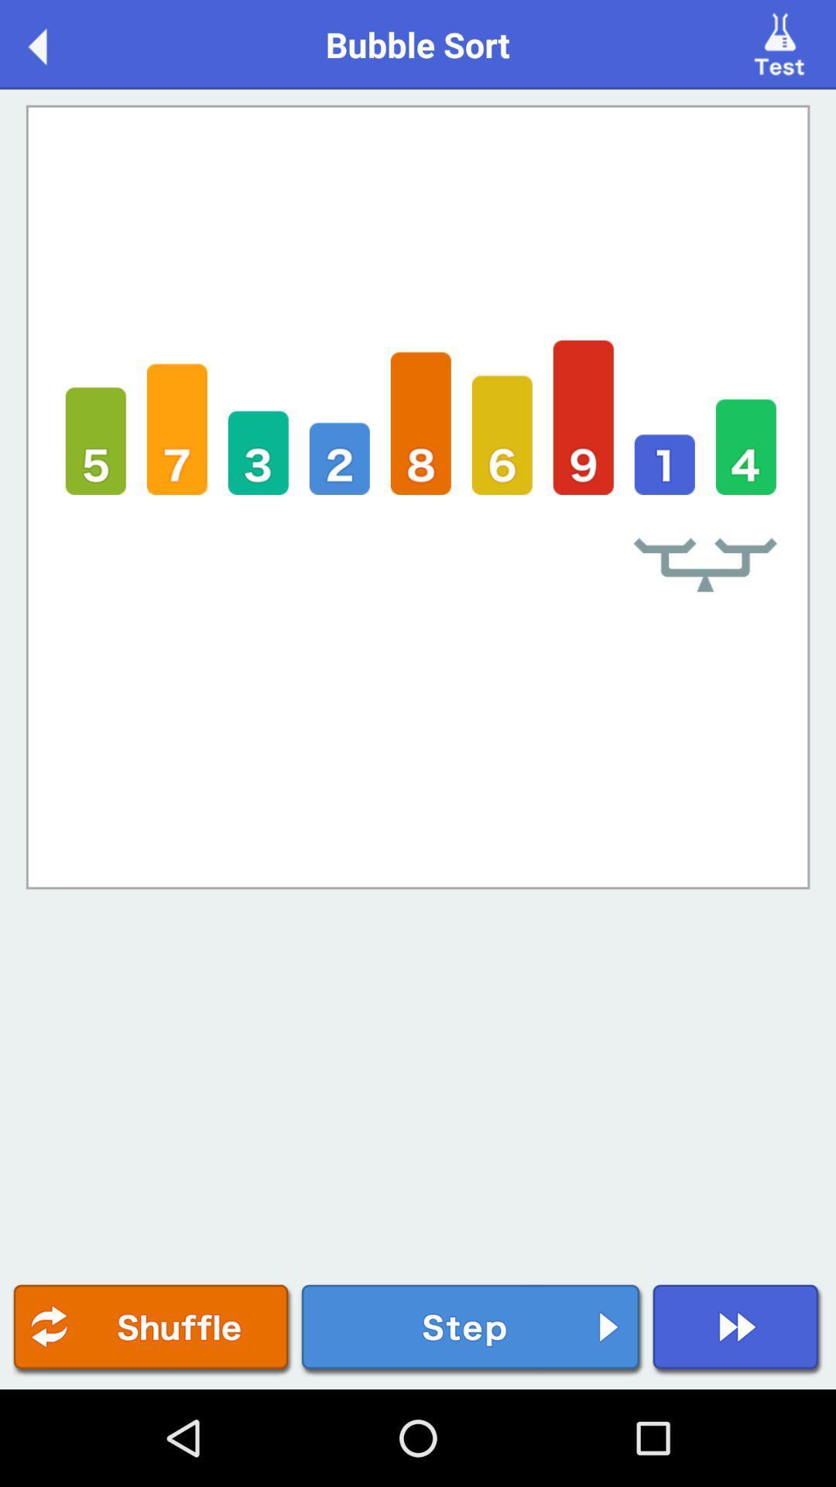 Image resolution: width=836 pixels, height=1487 pixels. Describe the element at coordinates (736, 1329) in the screenshot. I see `next option` at that location.